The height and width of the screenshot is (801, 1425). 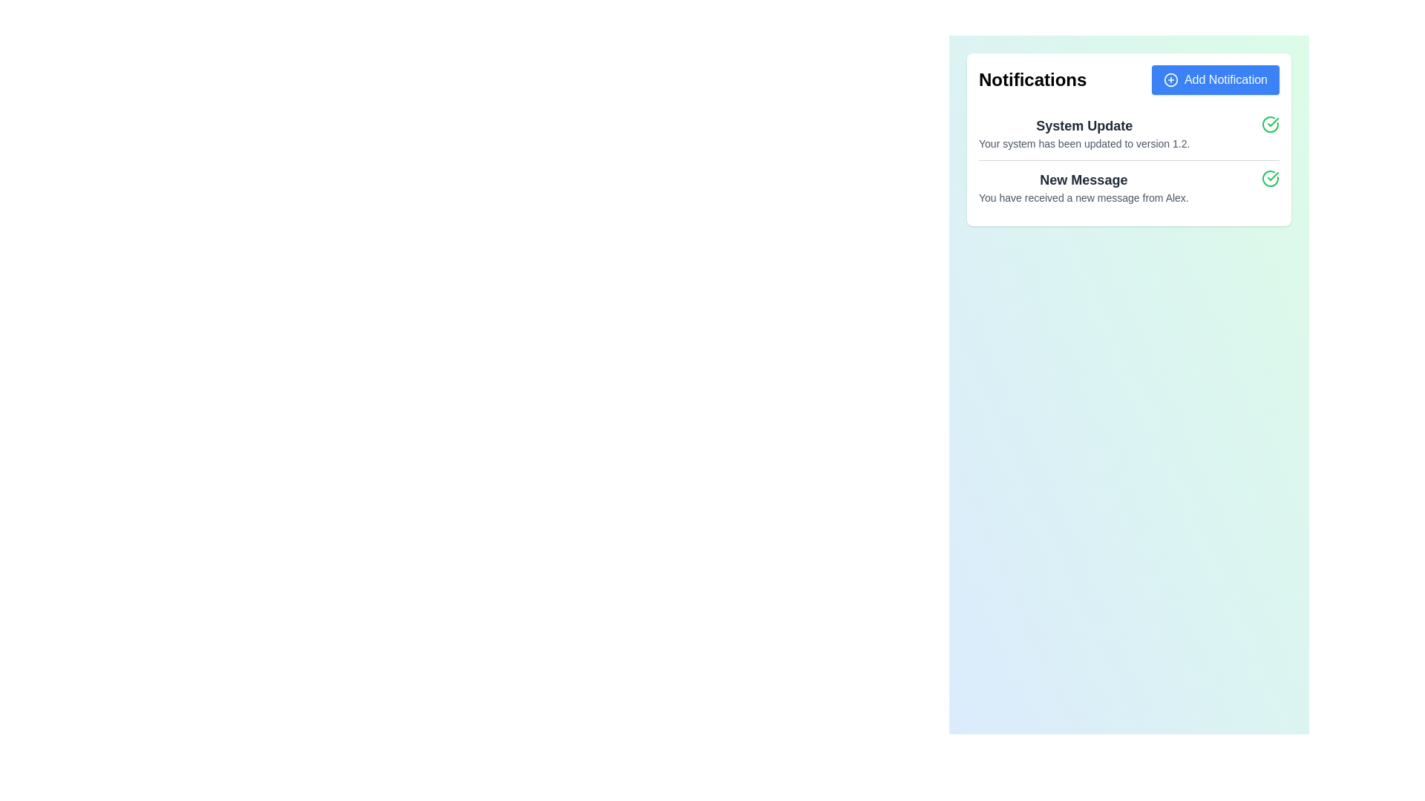 I want to click on the text label that reads 'Your system has been updated to version 1.2.', which is styled in light gray and located directly below the 'System Update' header within the notification card, so click(x=1084, y=143).